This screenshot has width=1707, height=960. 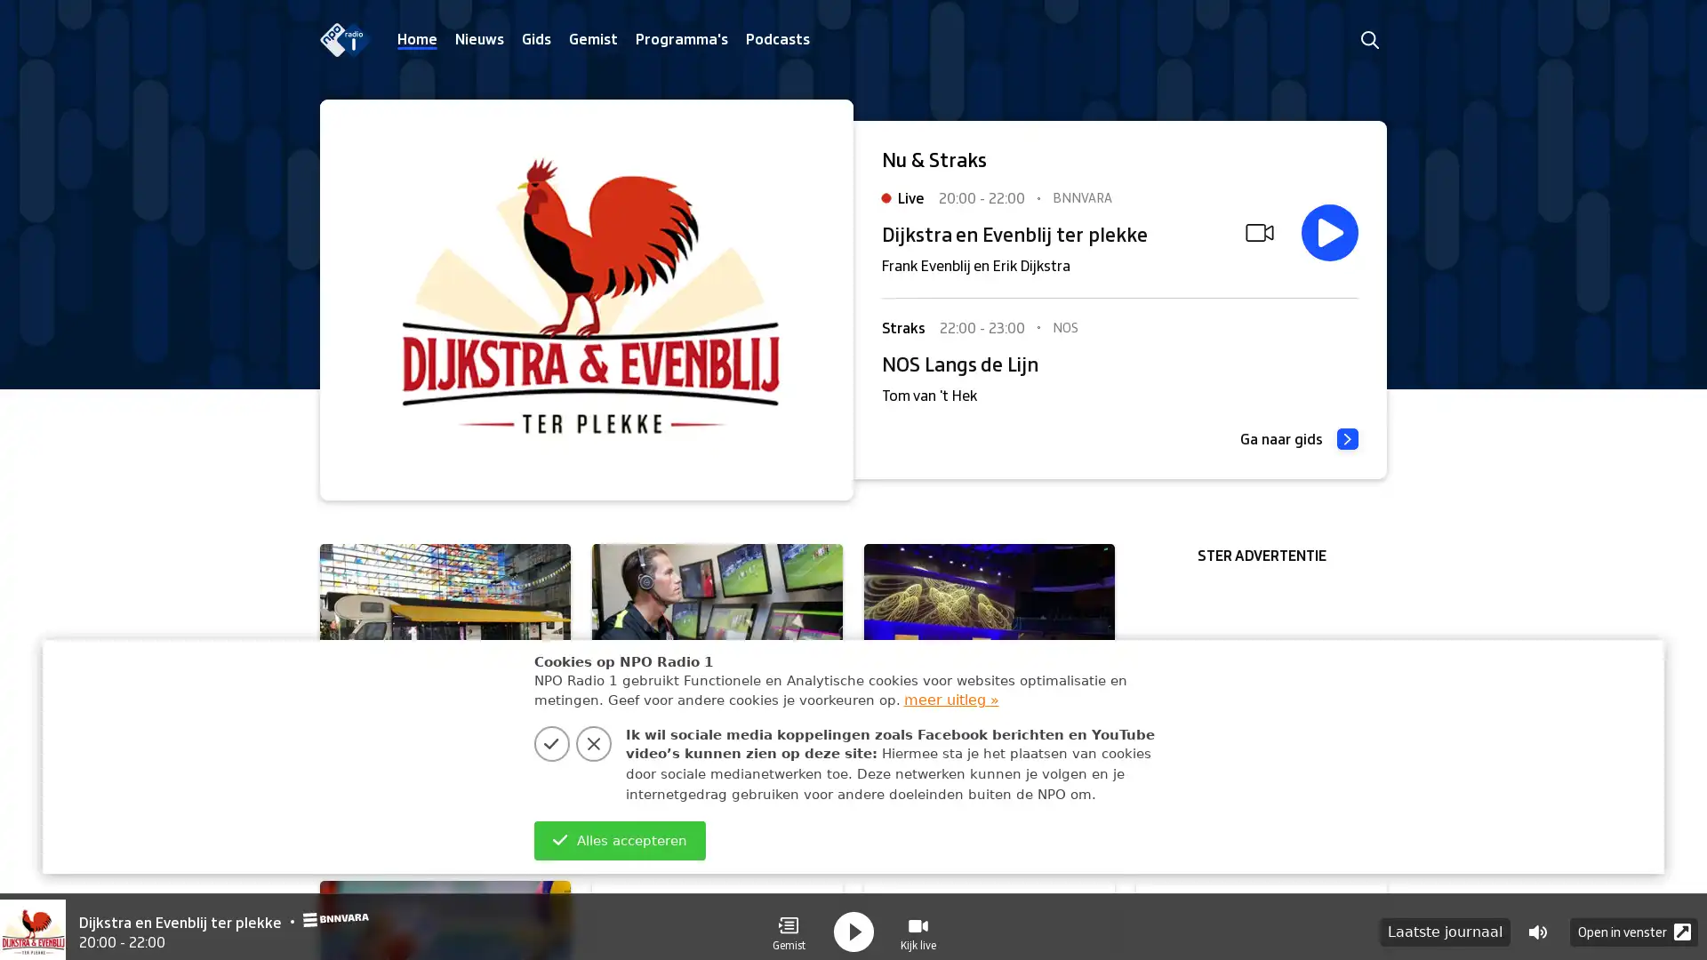 I want to click on zoeken, so click(x=1368, y=39).